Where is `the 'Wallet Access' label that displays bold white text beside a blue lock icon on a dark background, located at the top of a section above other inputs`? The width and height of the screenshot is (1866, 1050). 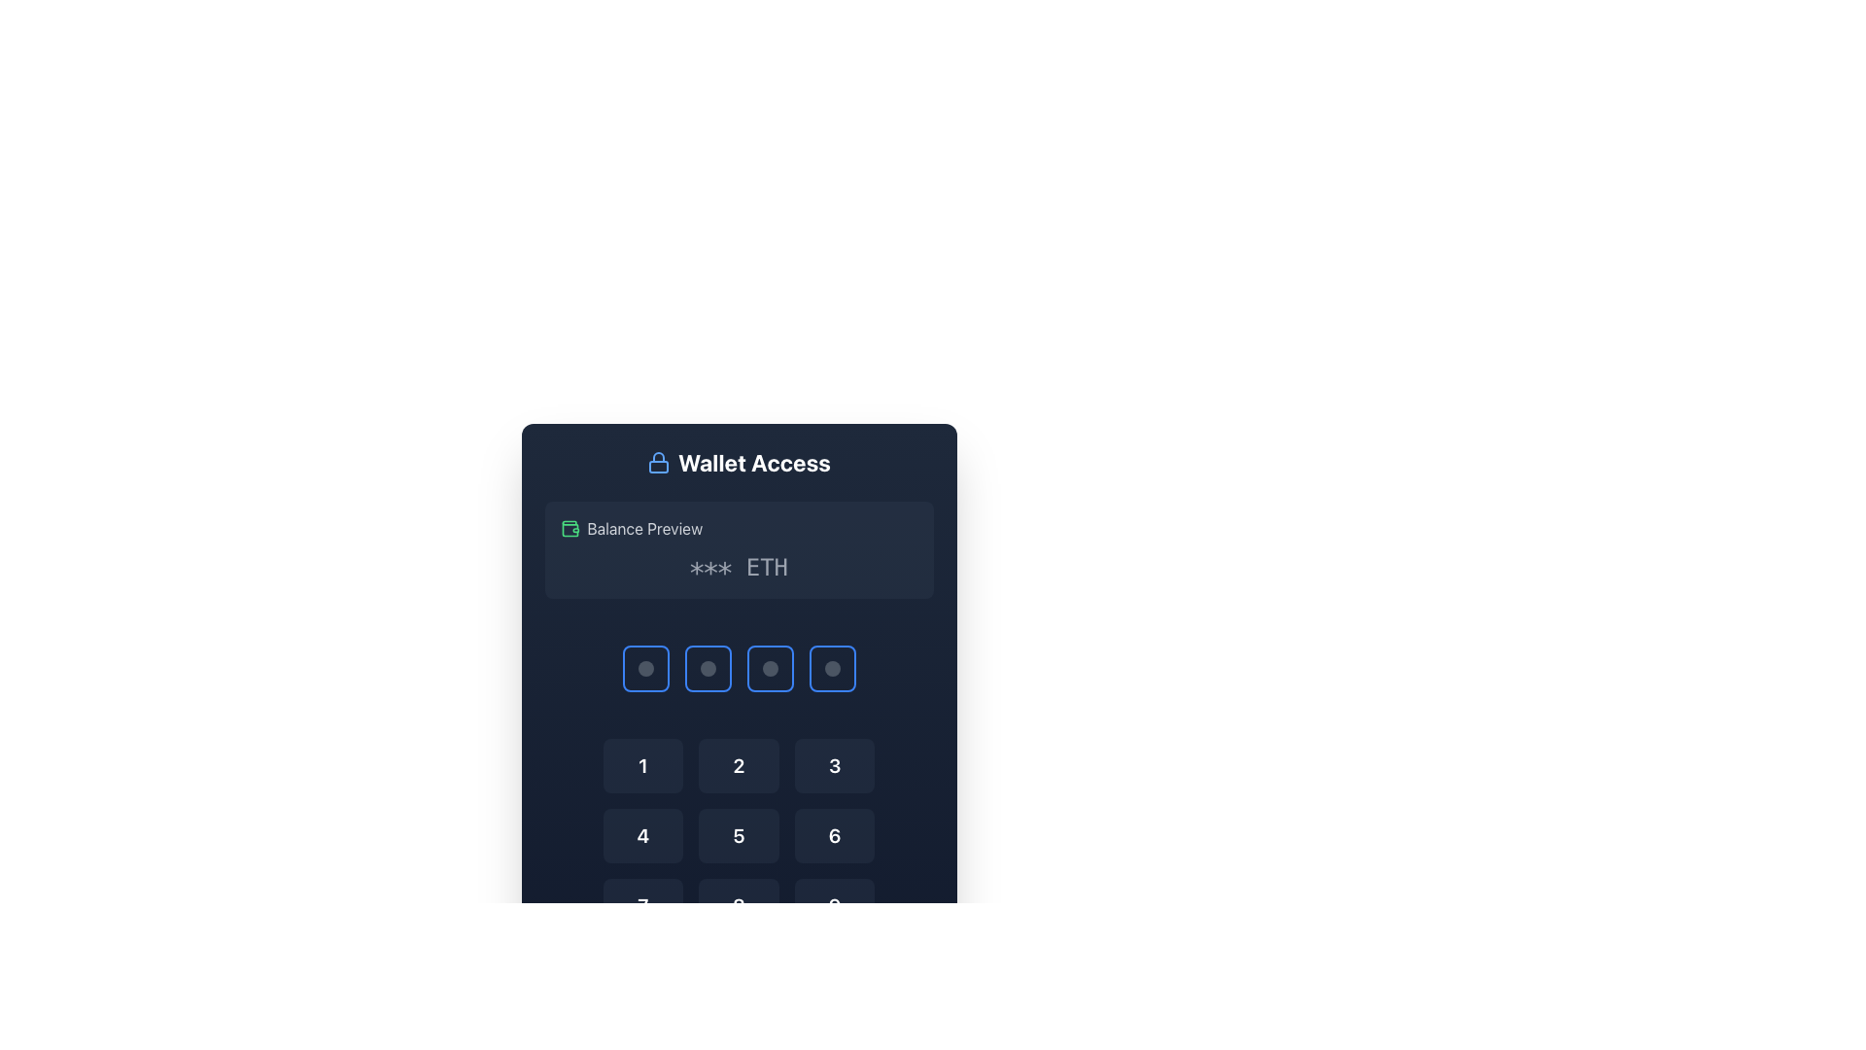
the 'Wallet Access' label that displays bold white text beside a blue lock icon on a dark background, located at the top of a section above other inputs is located at coordinates (738, 462).